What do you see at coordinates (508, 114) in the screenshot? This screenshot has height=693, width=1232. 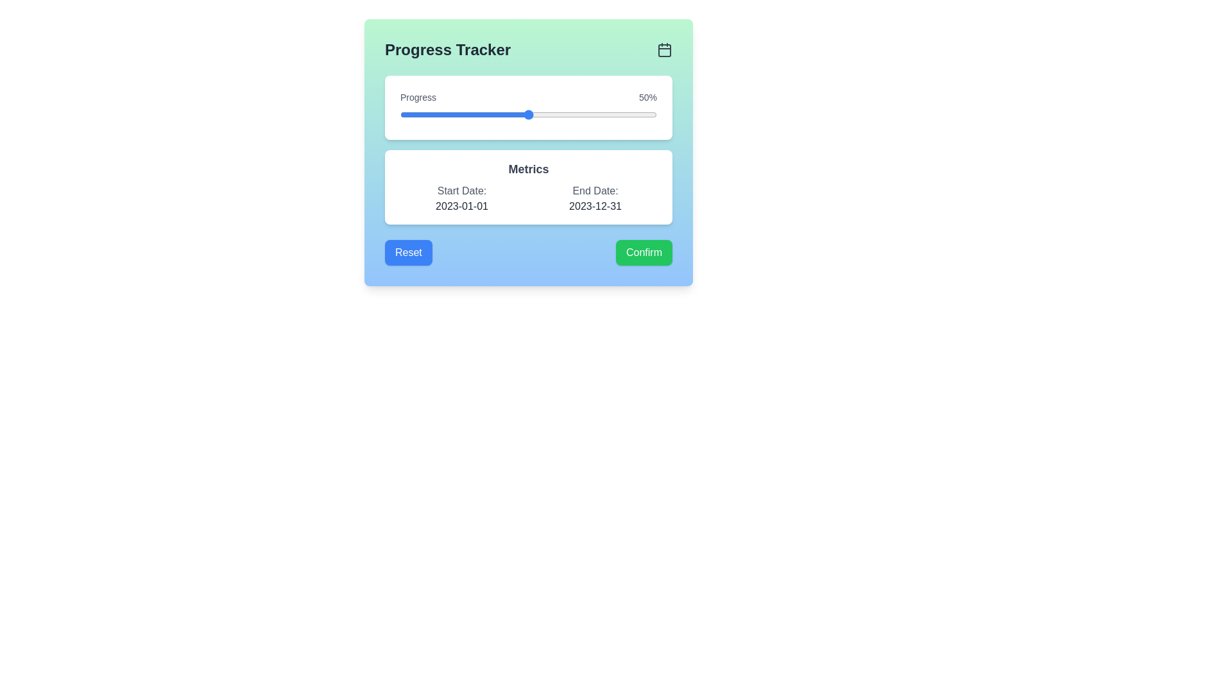 I see `the progress` at bounding box center [508, 114].